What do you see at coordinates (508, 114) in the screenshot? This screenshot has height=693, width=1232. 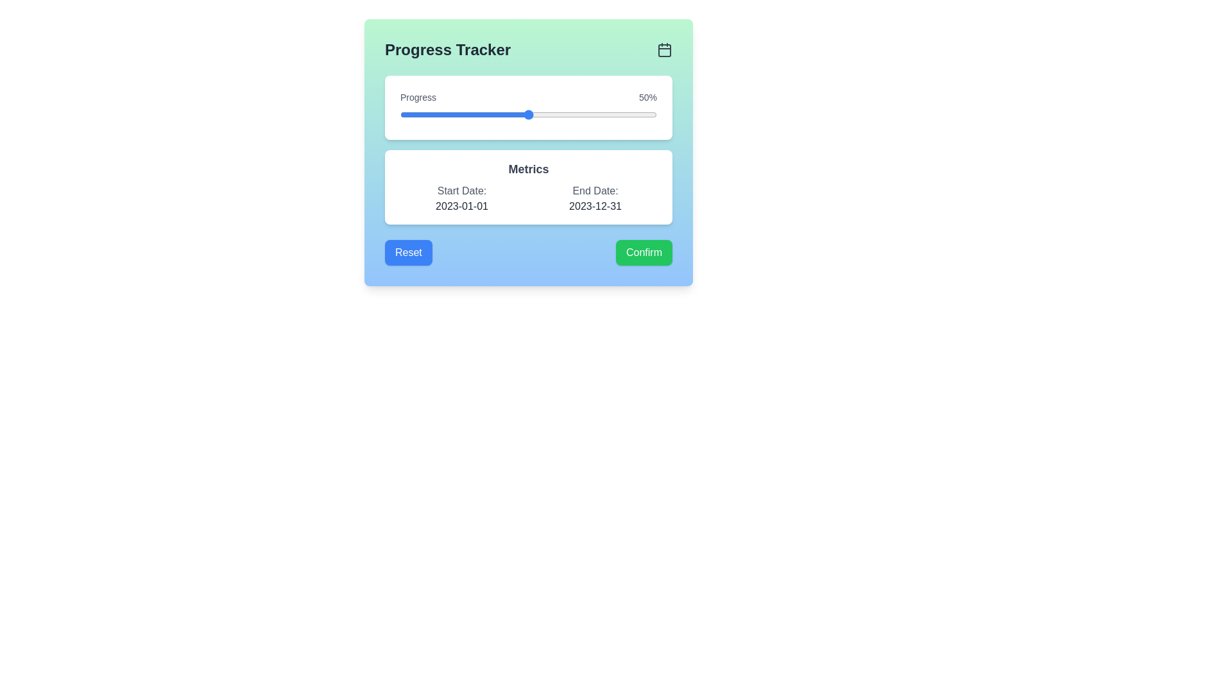 I see `the progress` at bounding box center [508, 114].